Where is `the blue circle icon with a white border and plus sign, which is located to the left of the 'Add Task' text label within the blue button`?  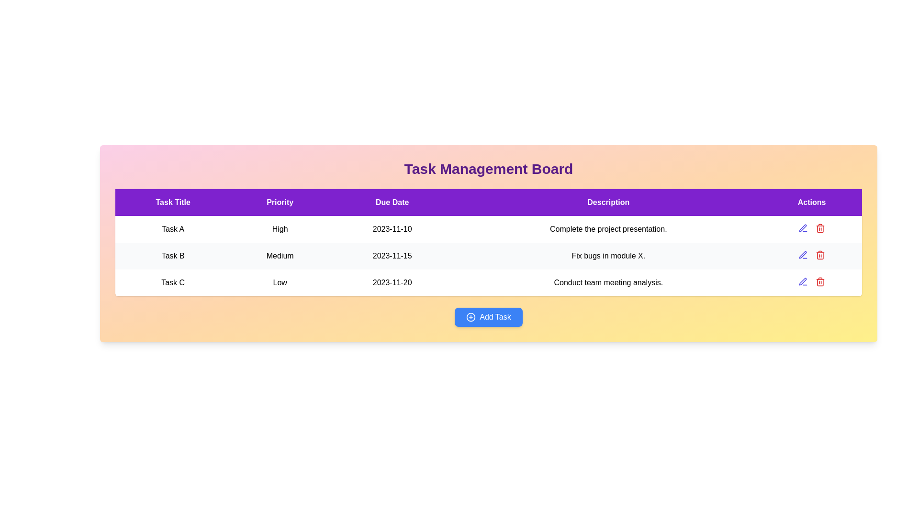 the blue circle icon with a white border and plus sign, which is located to the left of the 'Add Task' text label within the blue button is located at coordinates (471, 317).